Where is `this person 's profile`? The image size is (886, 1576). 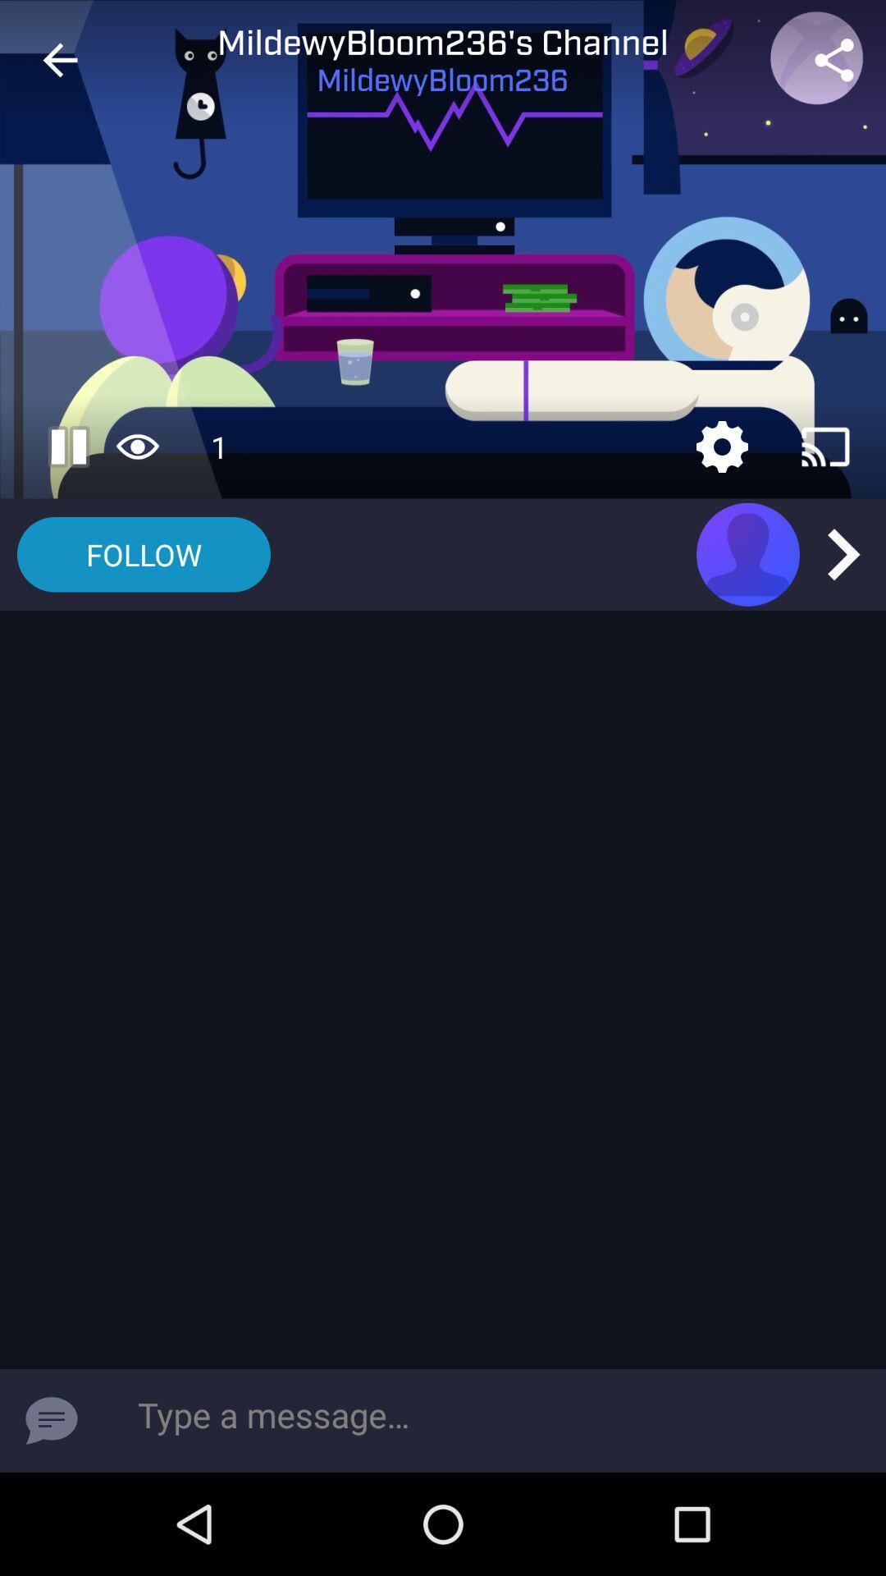 this person 's profile is located at coordinates (747, 554).